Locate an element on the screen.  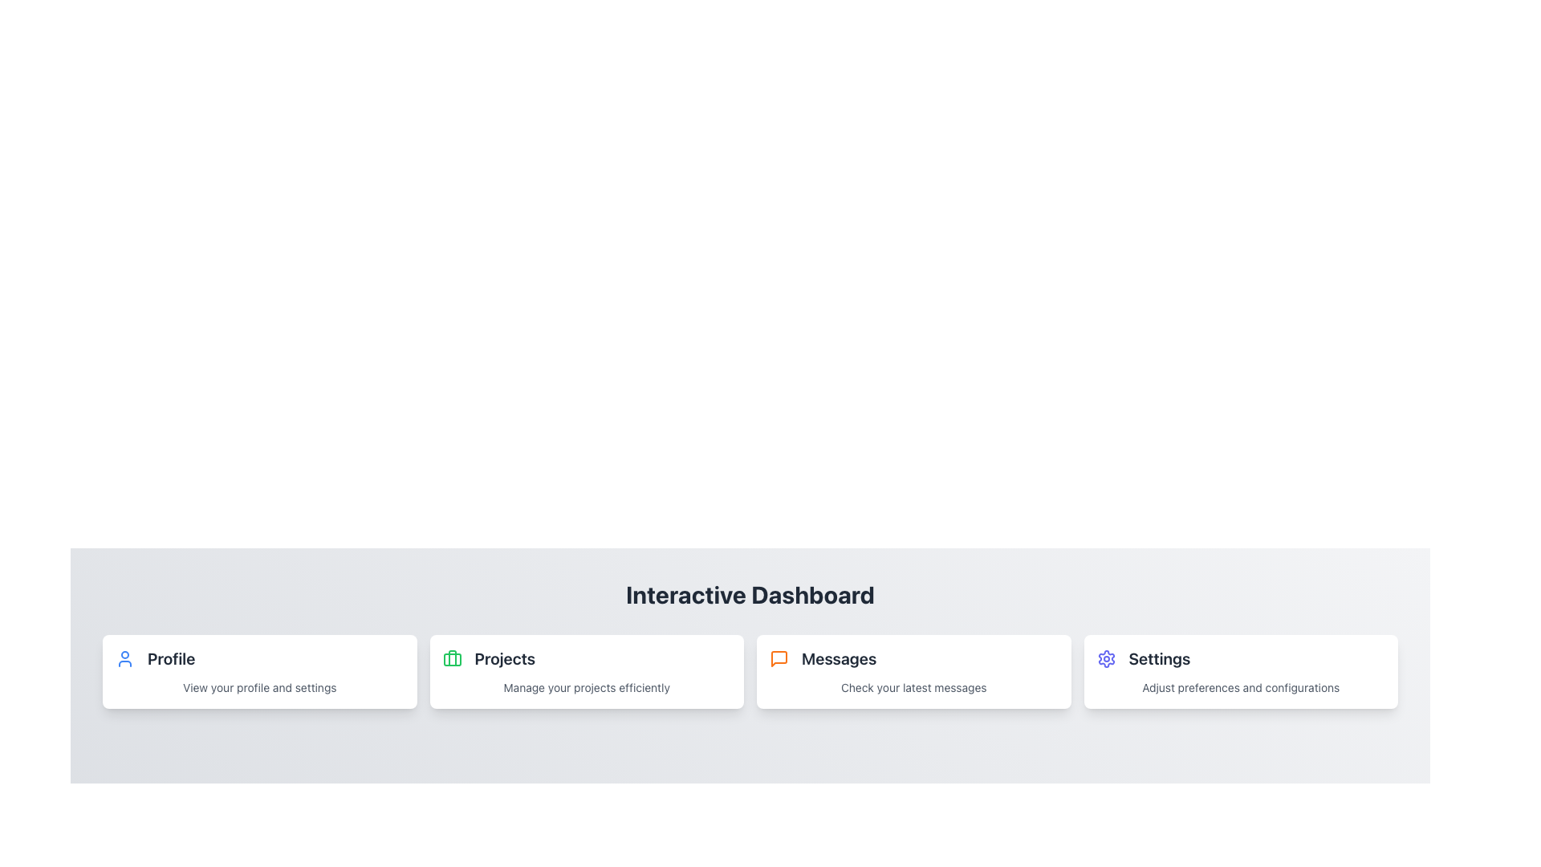
text label displaying 'Projects', which is styled with a bold and enlarged font, located centrally in the dashboard interface to understand the section's purpose is located at coordinates (504, 659).